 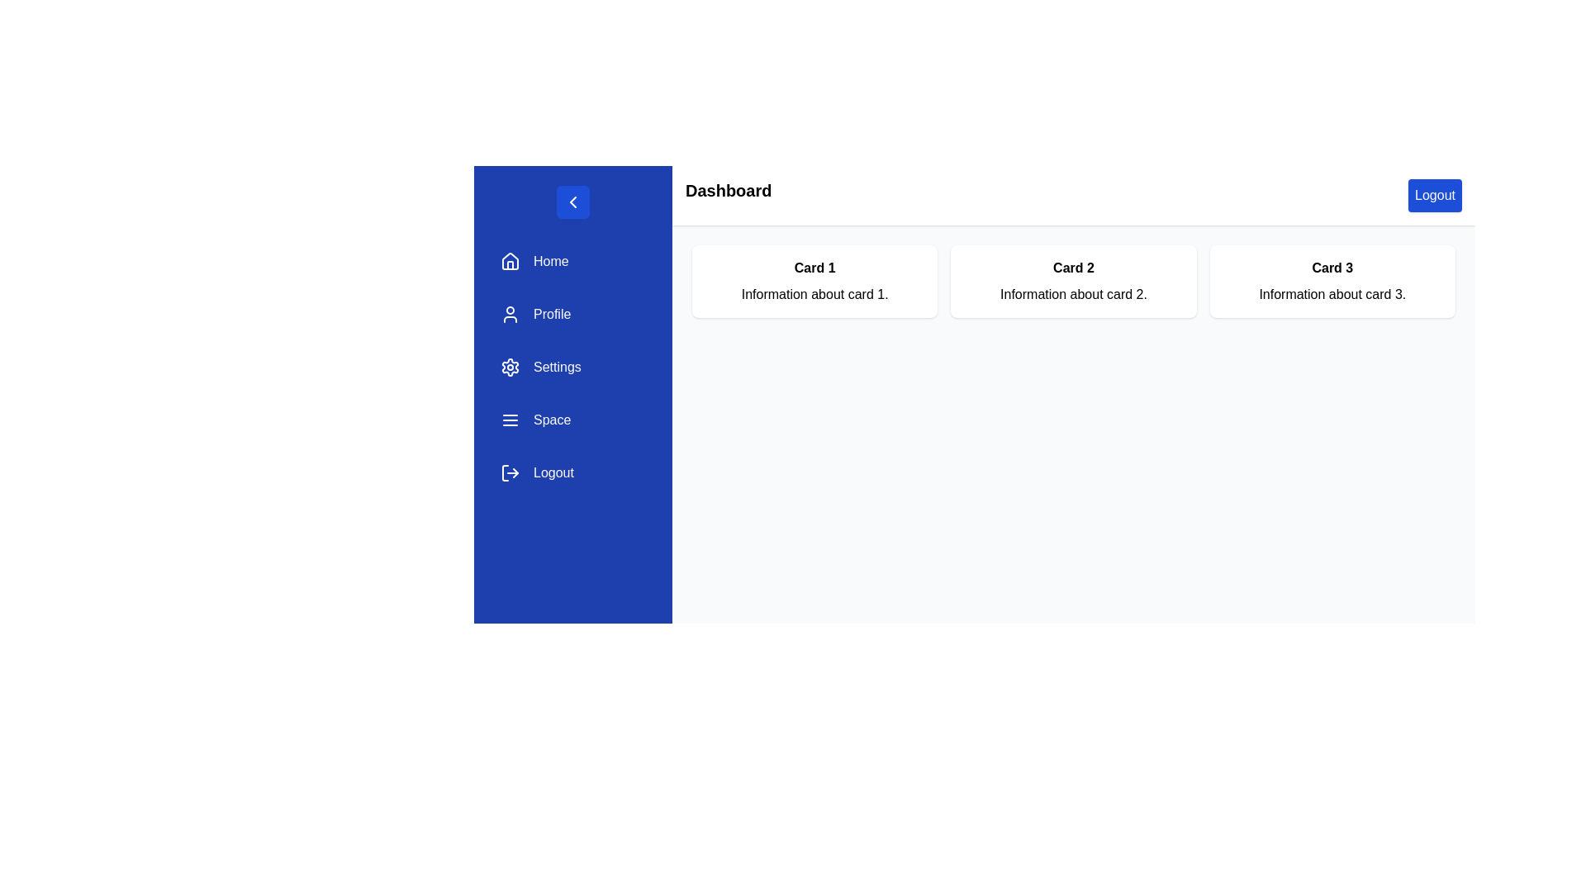 I want to click on the logout symbol icon, which is a small arrow-like icon with a circular outline, located in the sidebar menu at the bottom, adjacent to the text 'Logout', so click(x=510, y=473).